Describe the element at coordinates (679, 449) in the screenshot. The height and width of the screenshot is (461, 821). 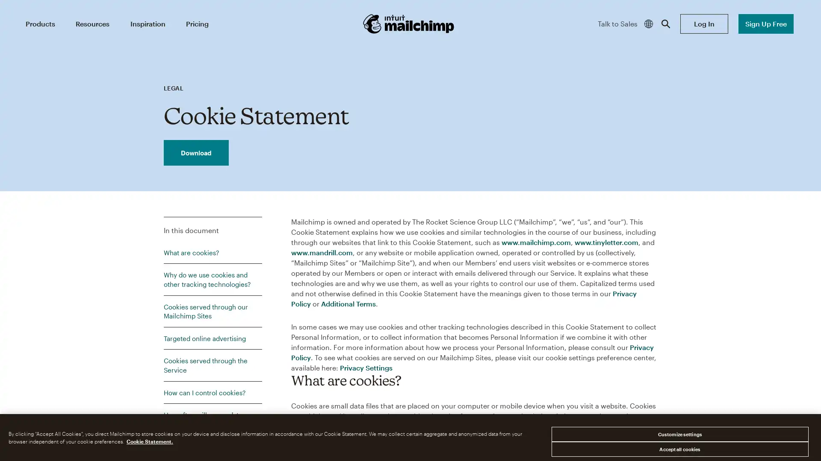
I see `Accept all cookies` at that location.